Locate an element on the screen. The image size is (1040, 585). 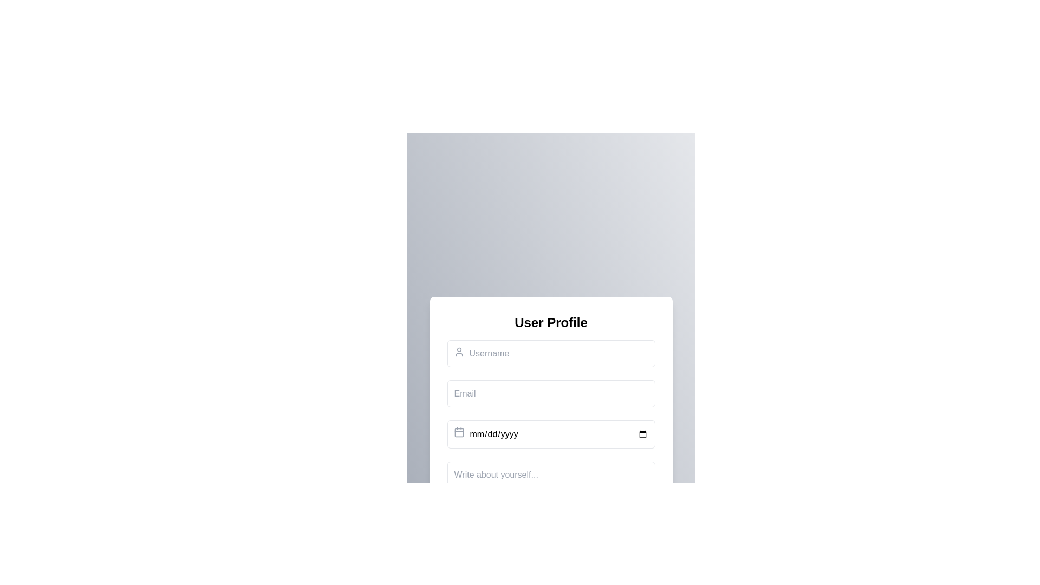
the calendar icon located in the user profile section's date input field is located at coordinates (459, 432).